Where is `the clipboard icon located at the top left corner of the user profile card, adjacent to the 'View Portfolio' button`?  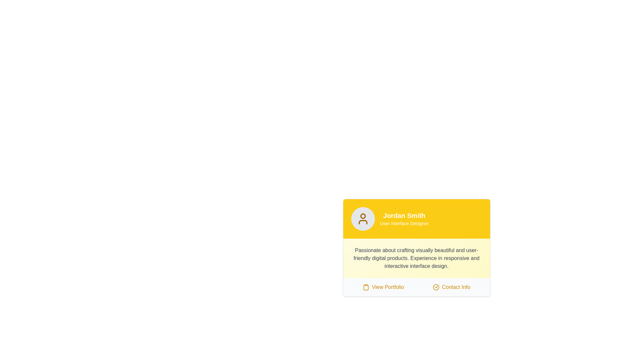
the clipboard icon located at the top left corner of the user profile card, adjacent to the 'View Portfolio' button is located at coordinates (366, 287).